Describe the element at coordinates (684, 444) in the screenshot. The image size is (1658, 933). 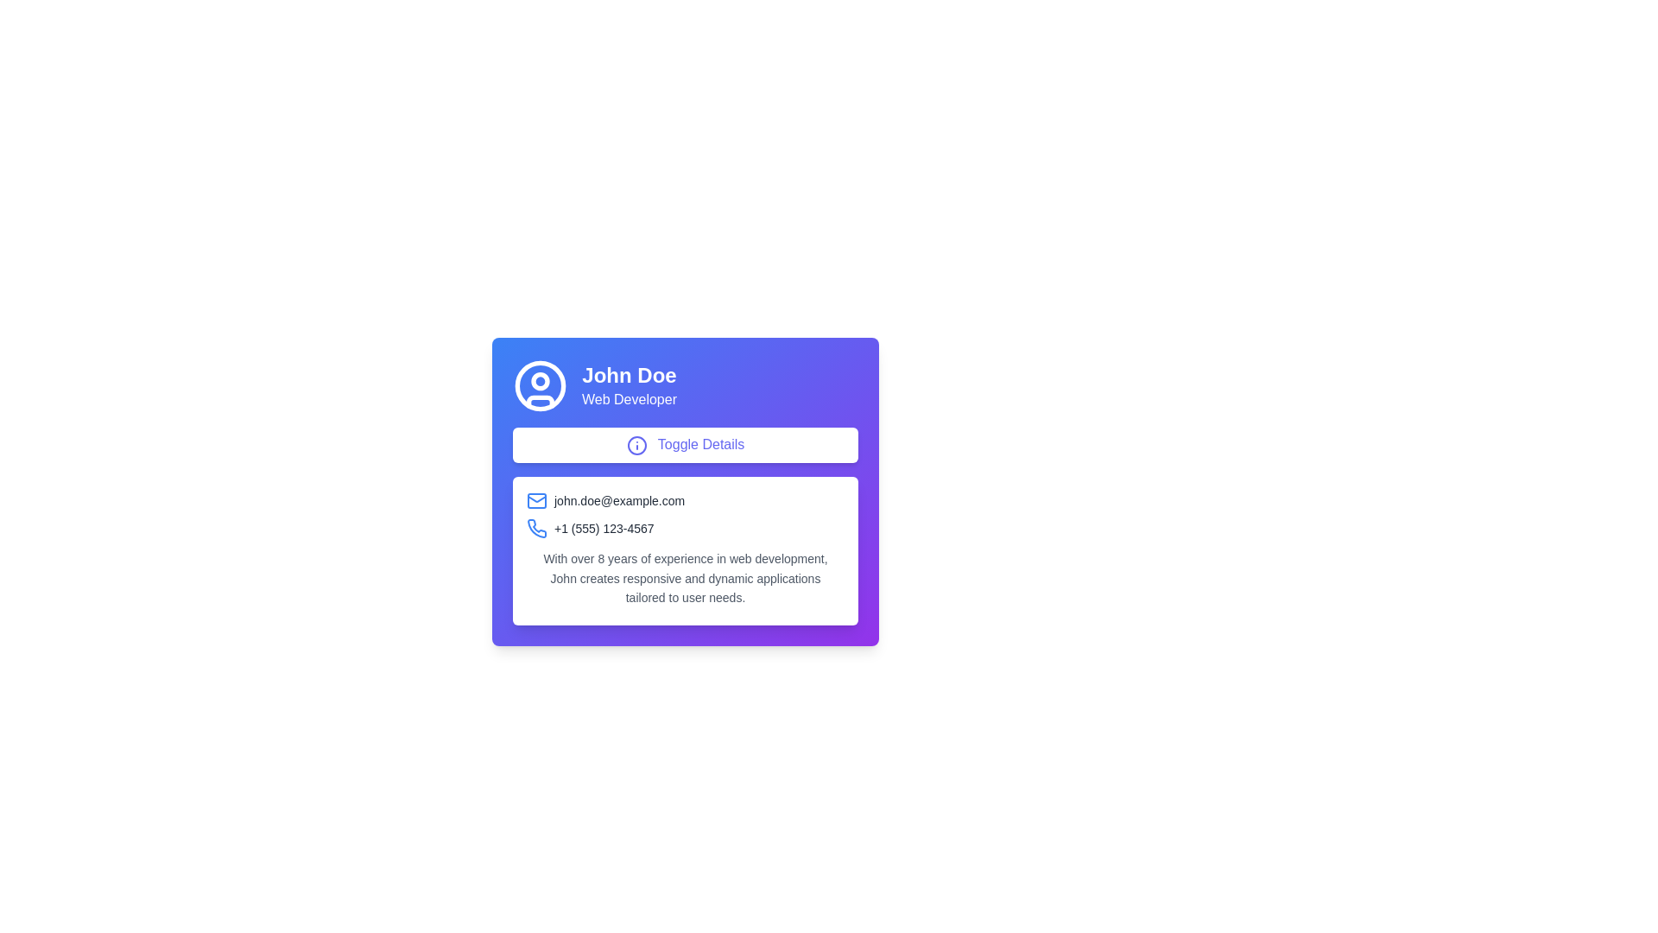
I see `the visibility toggle button for additional details about John Doe's professional information, located below the title section and above the email and phone information within the card` at that location.